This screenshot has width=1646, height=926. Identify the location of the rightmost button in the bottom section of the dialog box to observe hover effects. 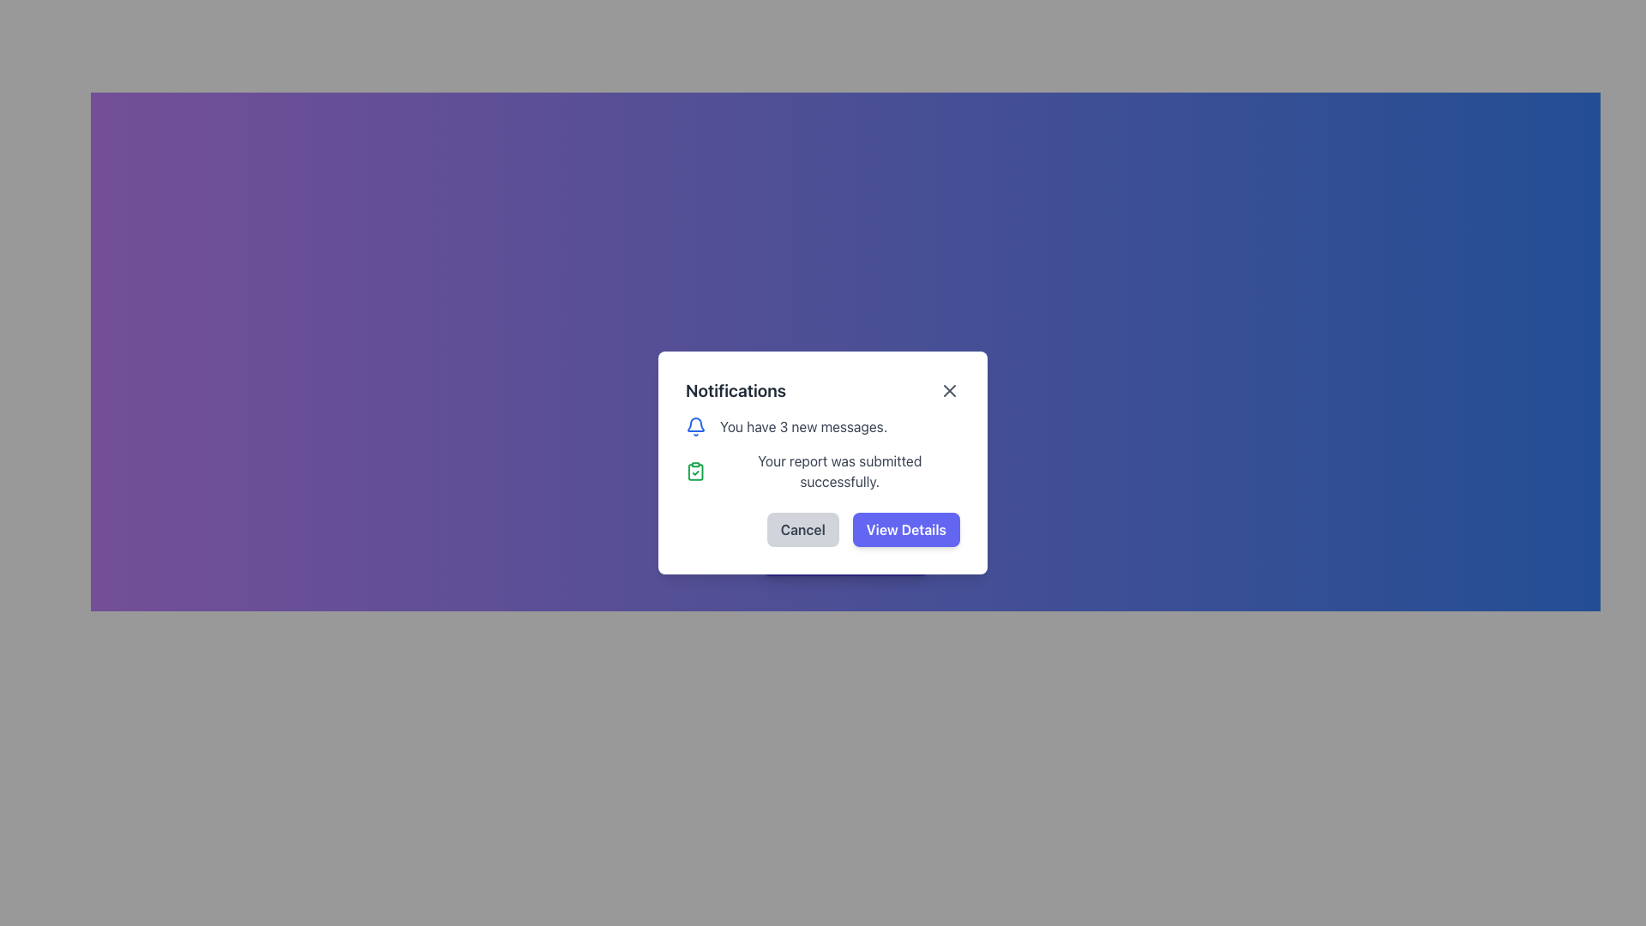
(905, 528).